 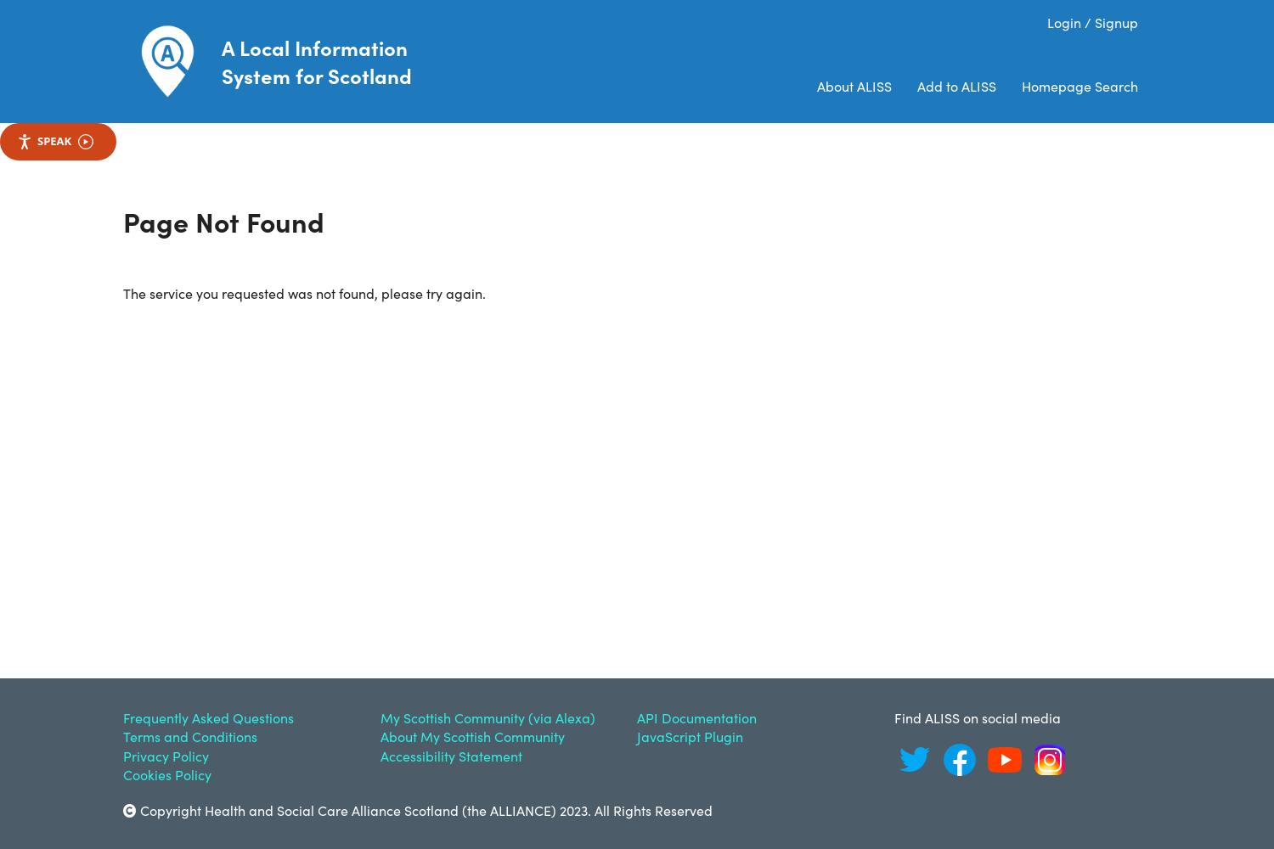 I want to click on 'The service you requested was not found, please try again.', so click(x=303, y=291).